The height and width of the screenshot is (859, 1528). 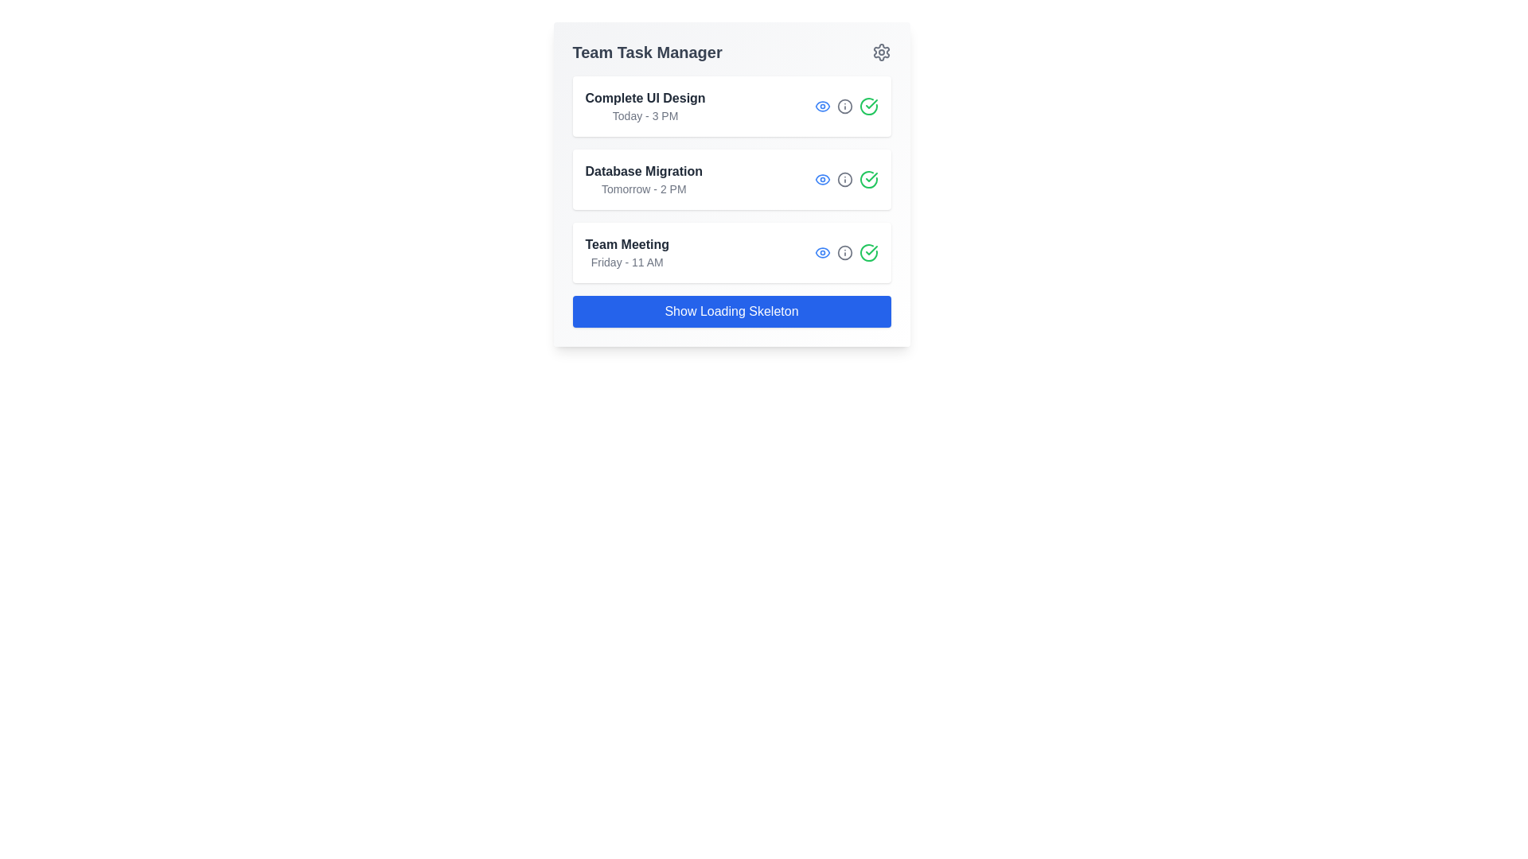 I want to click on the green circular icon indicating the completion status of the task labeled 'Complete UI Design', so click(x=870, y=177).